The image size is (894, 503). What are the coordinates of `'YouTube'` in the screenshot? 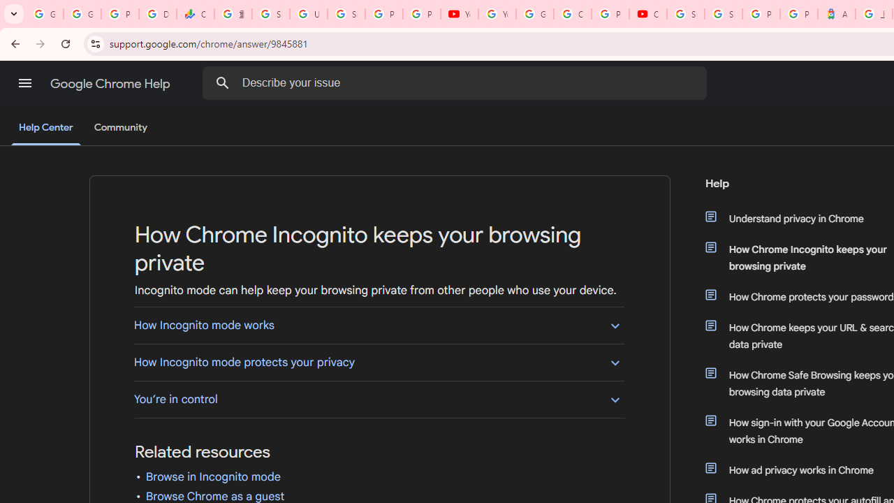 It's located at (459, 14).